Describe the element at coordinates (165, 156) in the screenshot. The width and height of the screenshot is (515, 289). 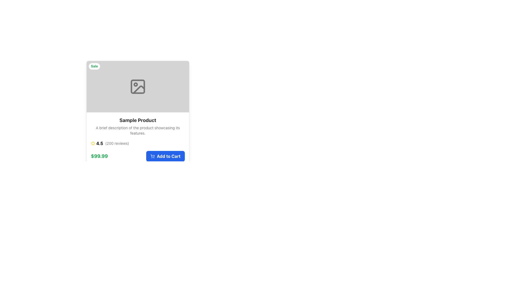
I see `the 'Add to Cart' button located at the bottom-right corner of the product display card` at that location.